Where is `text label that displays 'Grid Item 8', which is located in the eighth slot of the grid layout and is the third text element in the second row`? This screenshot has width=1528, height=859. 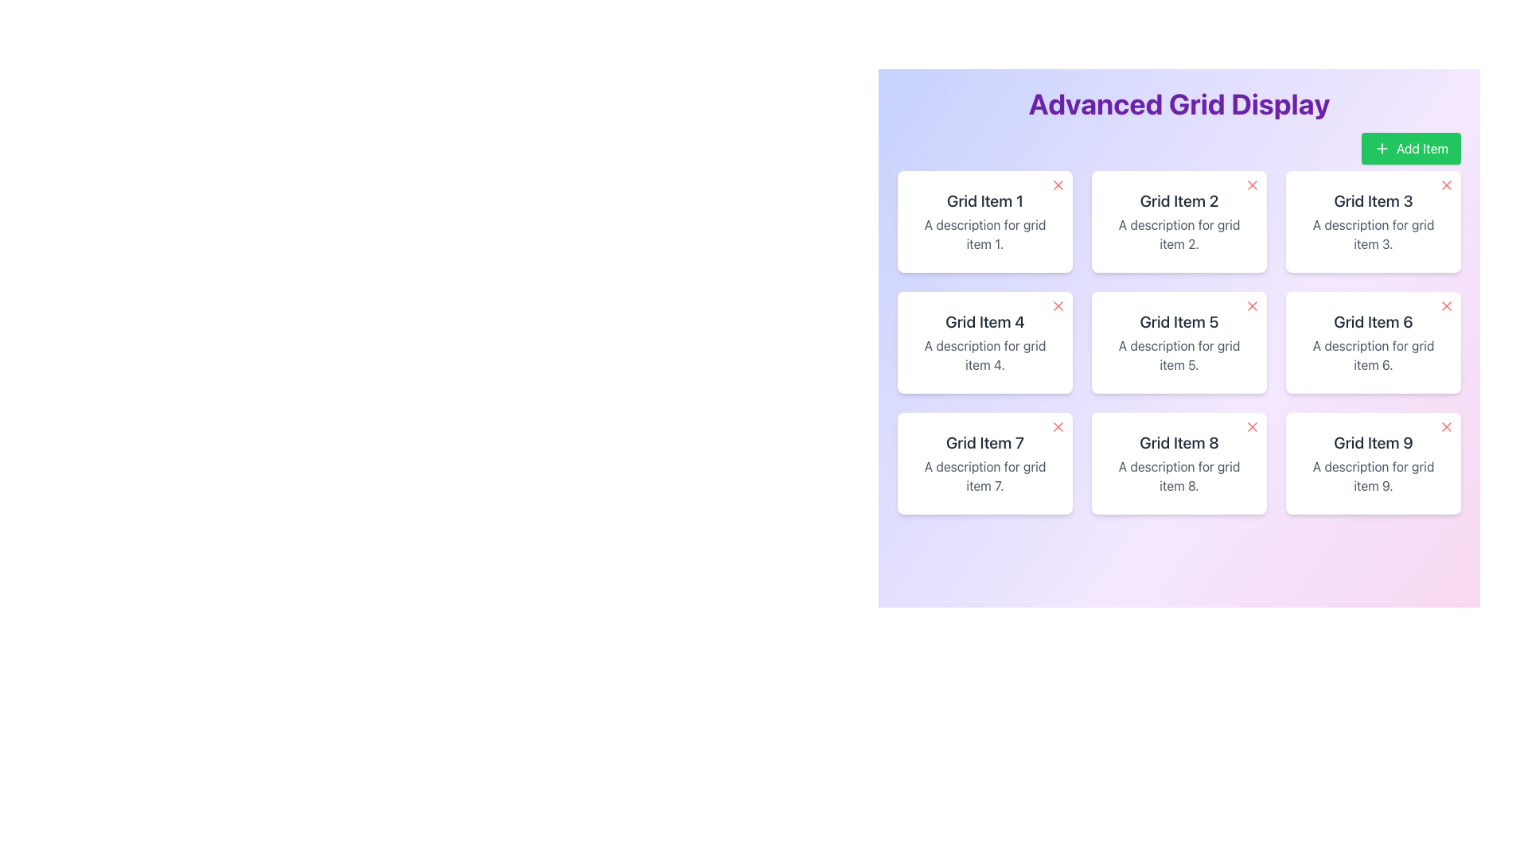
text label that displays 'Grid Item 8', which is located in the eighth slot of the grid layout and is the third text element in the second row is located at coordinates (1179, 442).